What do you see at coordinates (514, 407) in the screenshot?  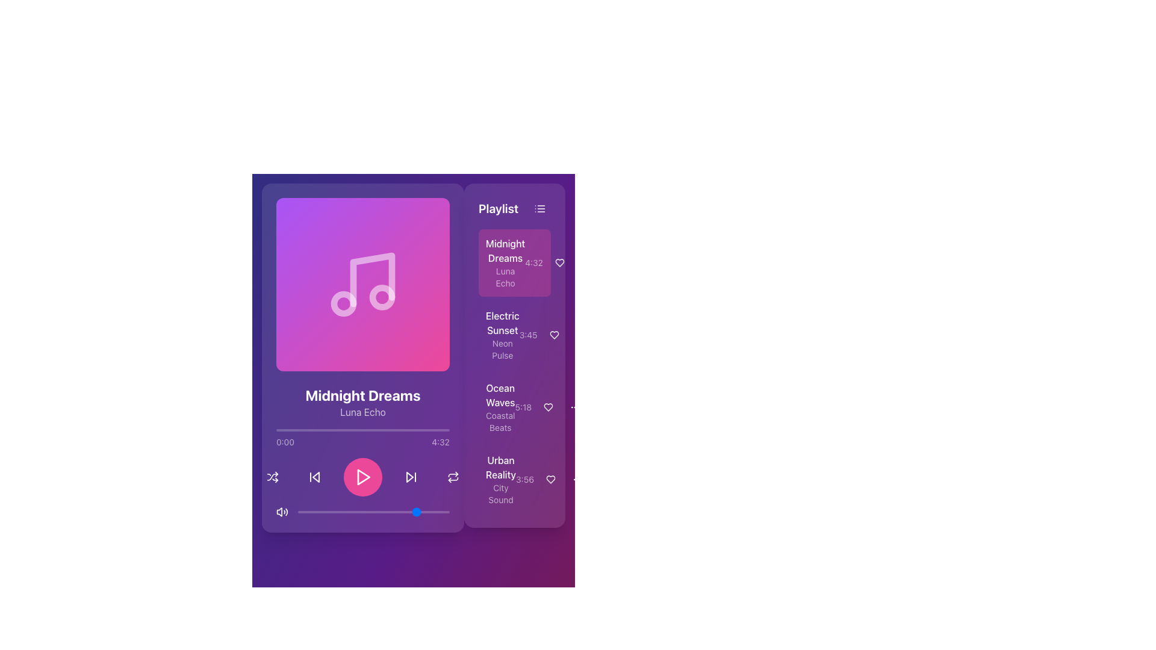 I see `the third item in the playlist, which represents a song or track` at bounding box center [514, 407].